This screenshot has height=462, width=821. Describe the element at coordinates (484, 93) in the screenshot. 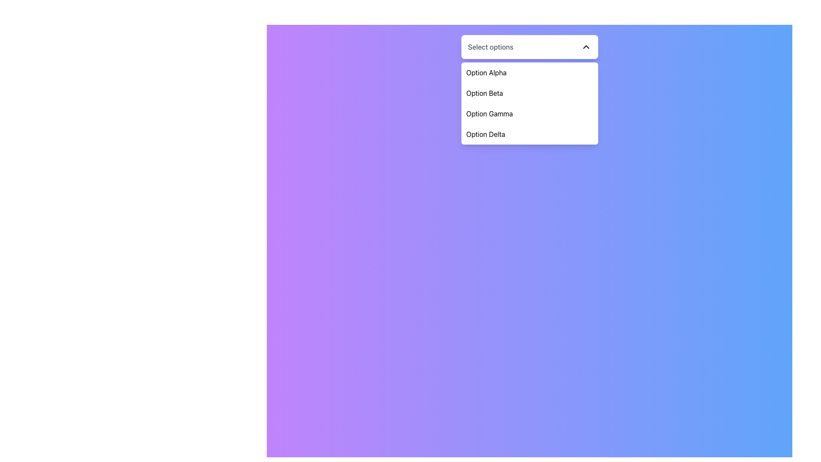

I see `the text label for 'Option Beta' in the dropdown menu` at that location.